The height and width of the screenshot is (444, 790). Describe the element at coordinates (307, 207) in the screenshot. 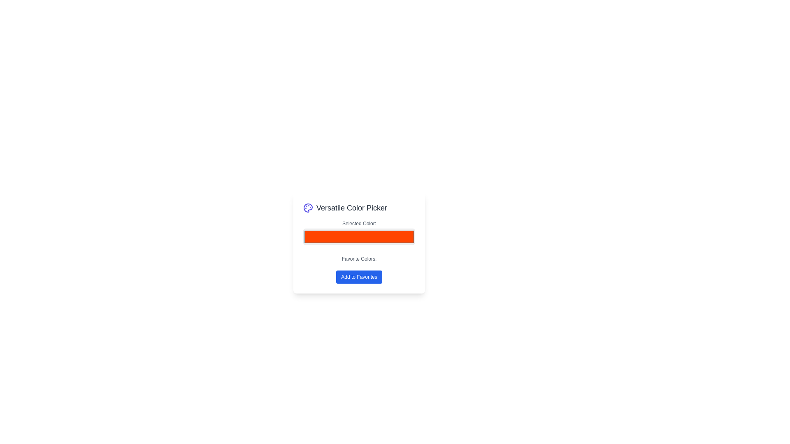

I see `the decorative SVG vector graphic icon representing the 'Versatile Color Picker' functionality, located at the top of the color picker dialog box` at that location.